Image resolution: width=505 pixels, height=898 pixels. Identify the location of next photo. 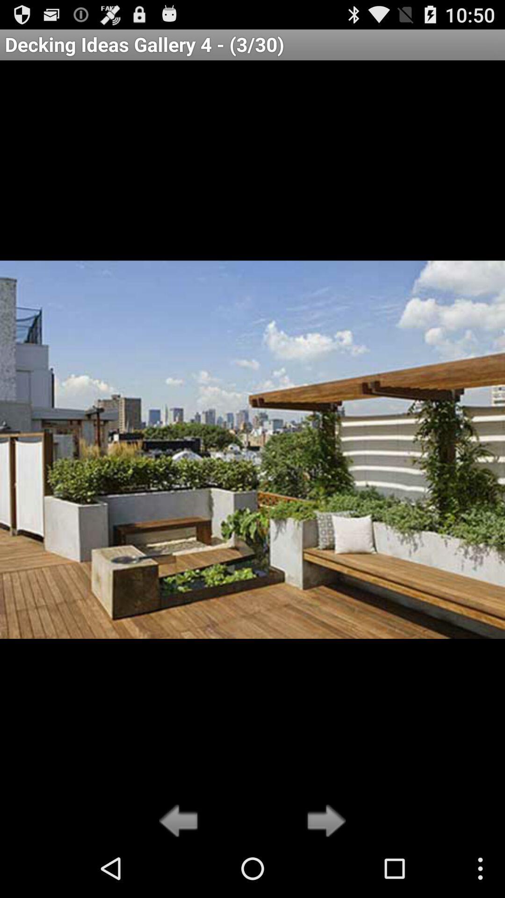
(323, 821).